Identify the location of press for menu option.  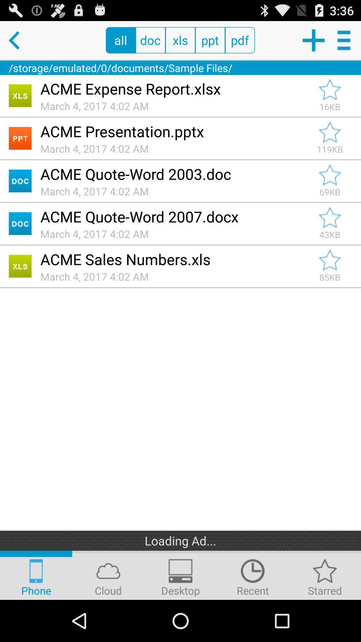
(345, 40).